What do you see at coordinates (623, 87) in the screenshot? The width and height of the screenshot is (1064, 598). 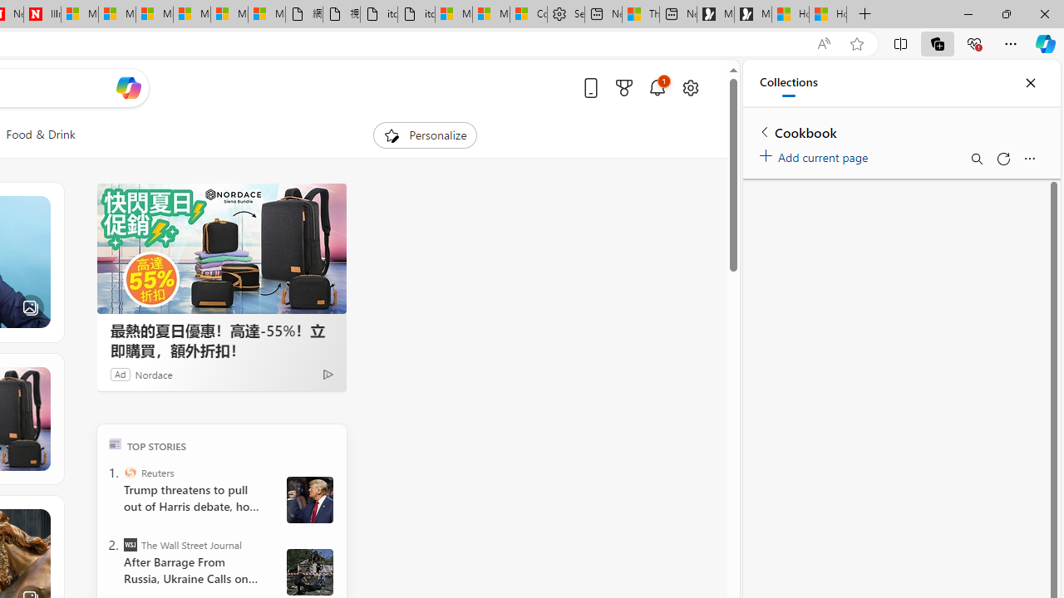 I see `'Microsoft rewards'` at bounding box center [623, 87].